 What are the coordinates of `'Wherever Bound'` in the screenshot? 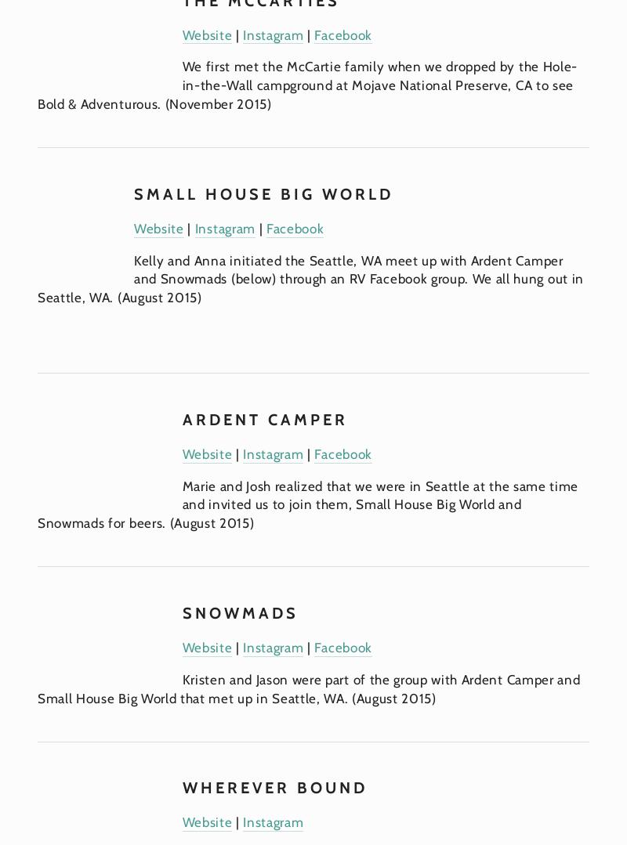 It's located at (277, 787).